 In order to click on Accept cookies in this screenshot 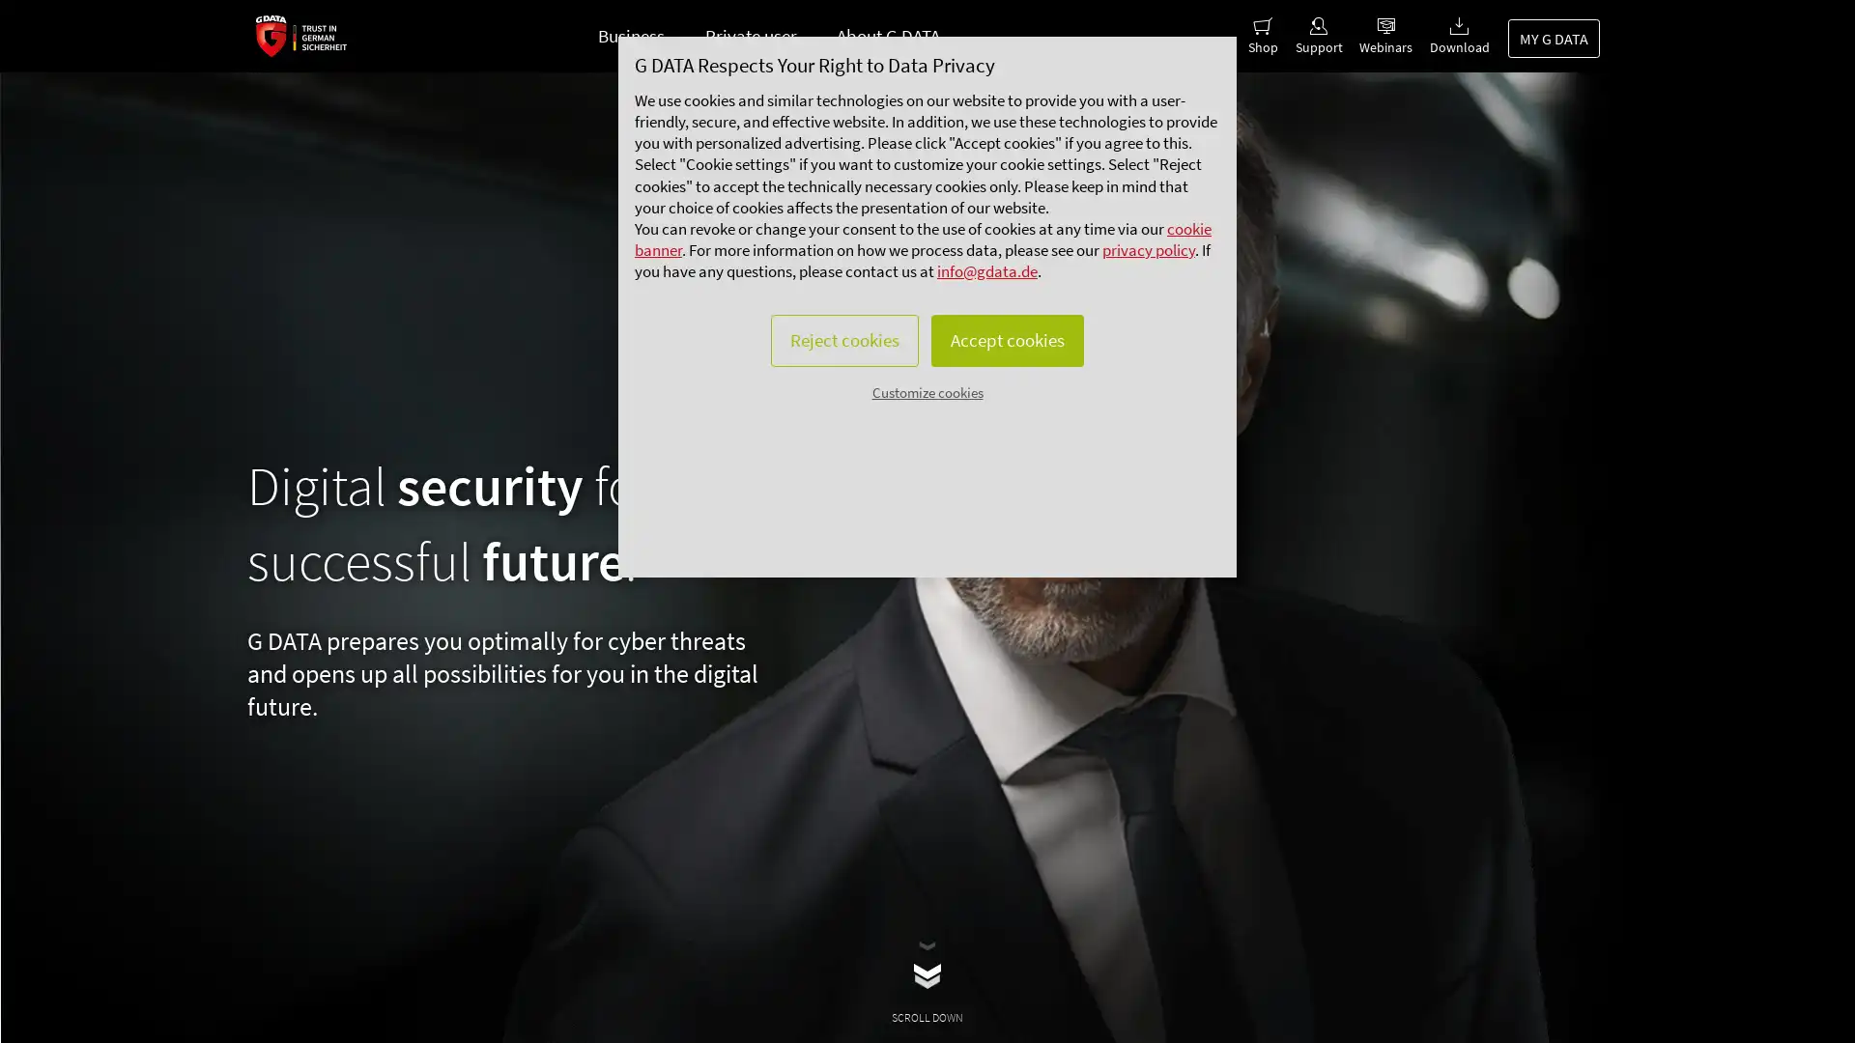, I will do `click(1011, 382)`.